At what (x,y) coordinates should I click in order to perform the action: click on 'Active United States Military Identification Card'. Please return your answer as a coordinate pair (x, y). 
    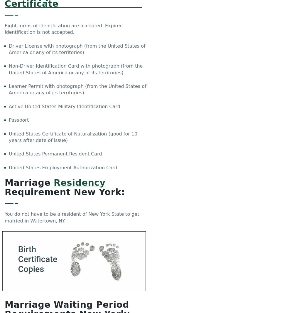
    Looking at the image, I should click on (64, 106).